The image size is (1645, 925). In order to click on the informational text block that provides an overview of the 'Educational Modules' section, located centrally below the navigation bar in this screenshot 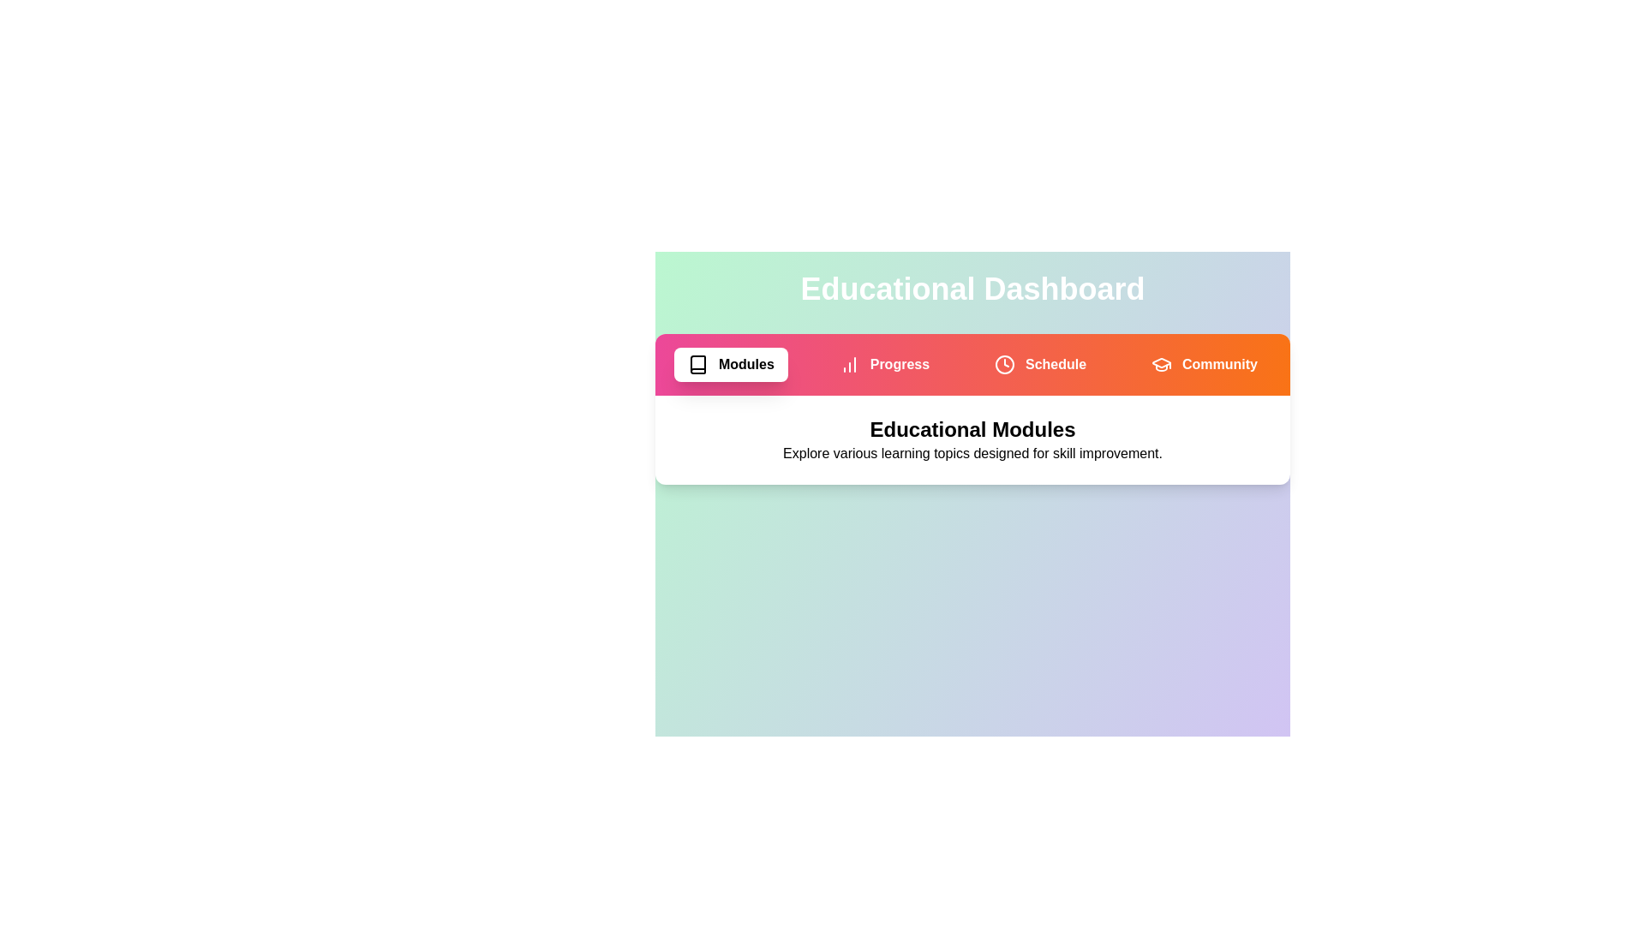, I will do `click(972, 439)`.